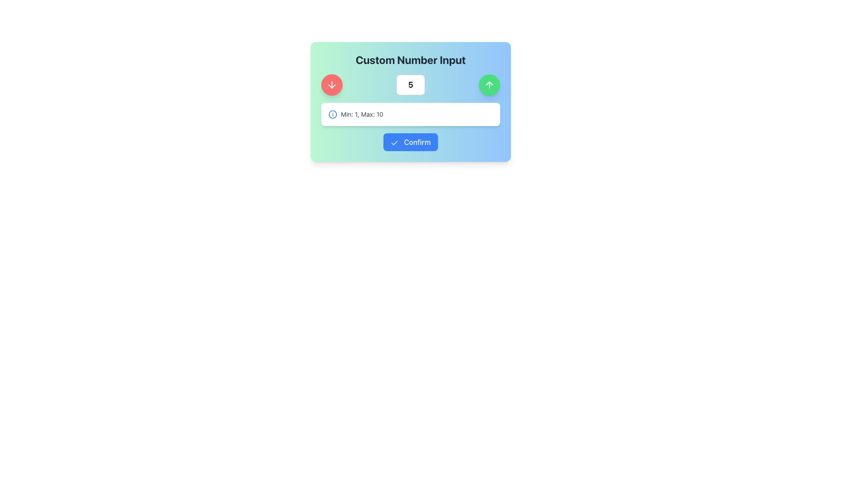  What do you see at coordinates (410, 141) in the screenshot?
I see `the blue 'Confirm' button with a checkmark icon to confirm the action` at bounding box center [410, 141].